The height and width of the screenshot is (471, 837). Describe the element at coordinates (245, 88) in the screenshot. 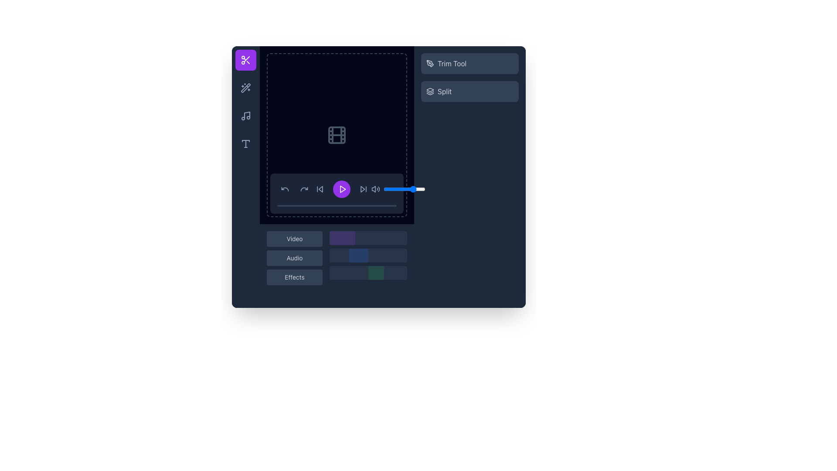

I see `the magic wand icon with sparkles, located in the upper-left section of the interface` at that location.